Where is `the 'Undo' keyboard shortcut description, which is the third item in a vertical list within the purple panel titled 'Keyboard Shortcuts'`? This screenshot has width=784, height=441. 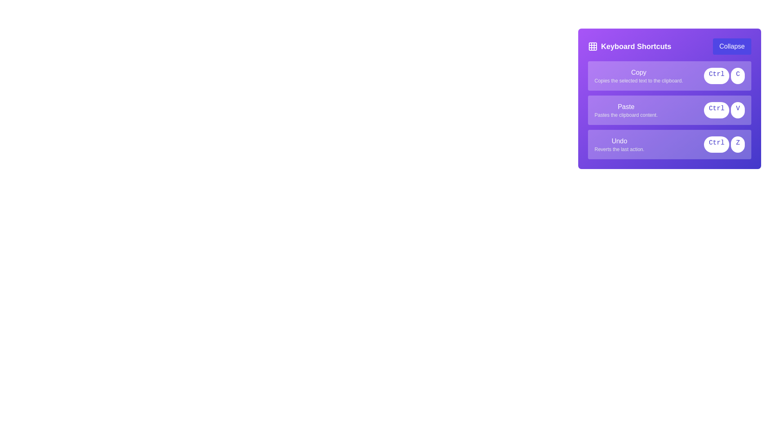 the 'Undo' keyboard shortcut description, which is the third item in a vertical list within the purple panel titled 'Keyboard Shortcuts' is located at coordinates (619, 144).